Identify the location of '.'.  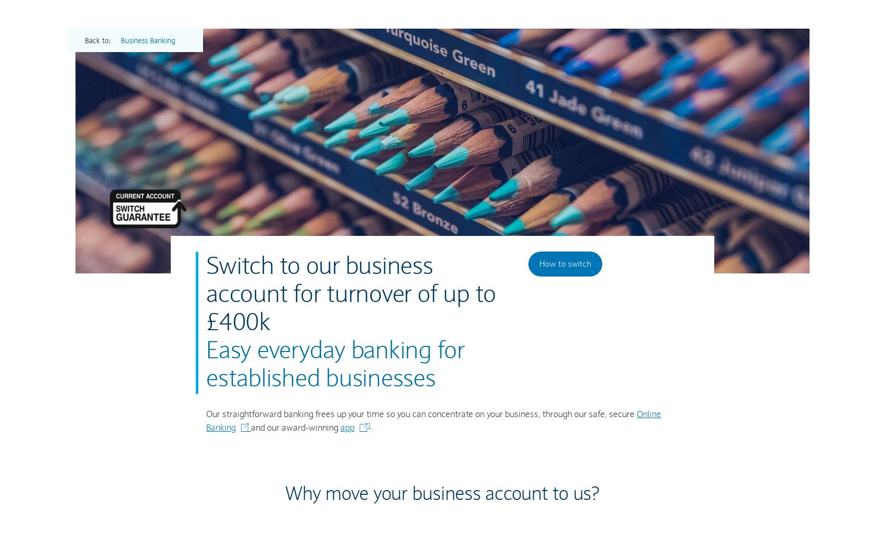
(740, 492).